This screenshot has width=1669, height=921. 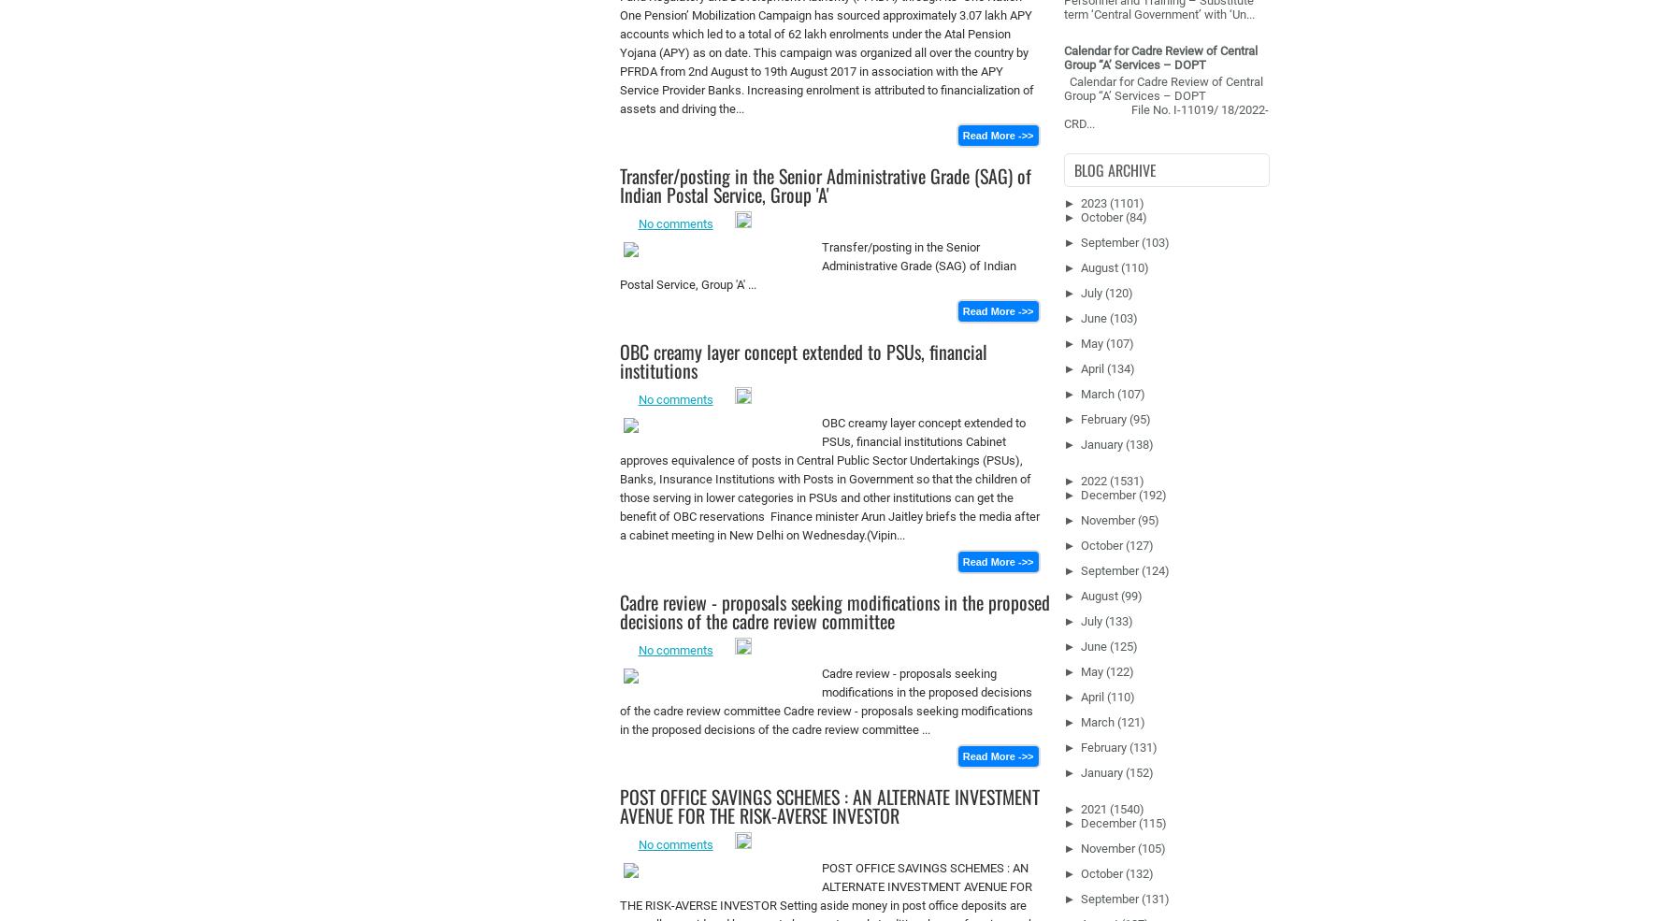 I want to click on 'OBC creamy layer concept extended to PSUs, financial institutions




Cabinet approves equivalence of posts in Central Public Sector Undertakings (PSUs), Banks, Insurance Institutions with Posts in Government so that the children of those serving in lower categories in PSUs and other institutions can get the benefit of OBC reservations 






Finance minister Arun Jaitley briefs the media after a cabinet meeting in New Delhi on Wednesday.(Vipin...', so click(x=828, y=479).